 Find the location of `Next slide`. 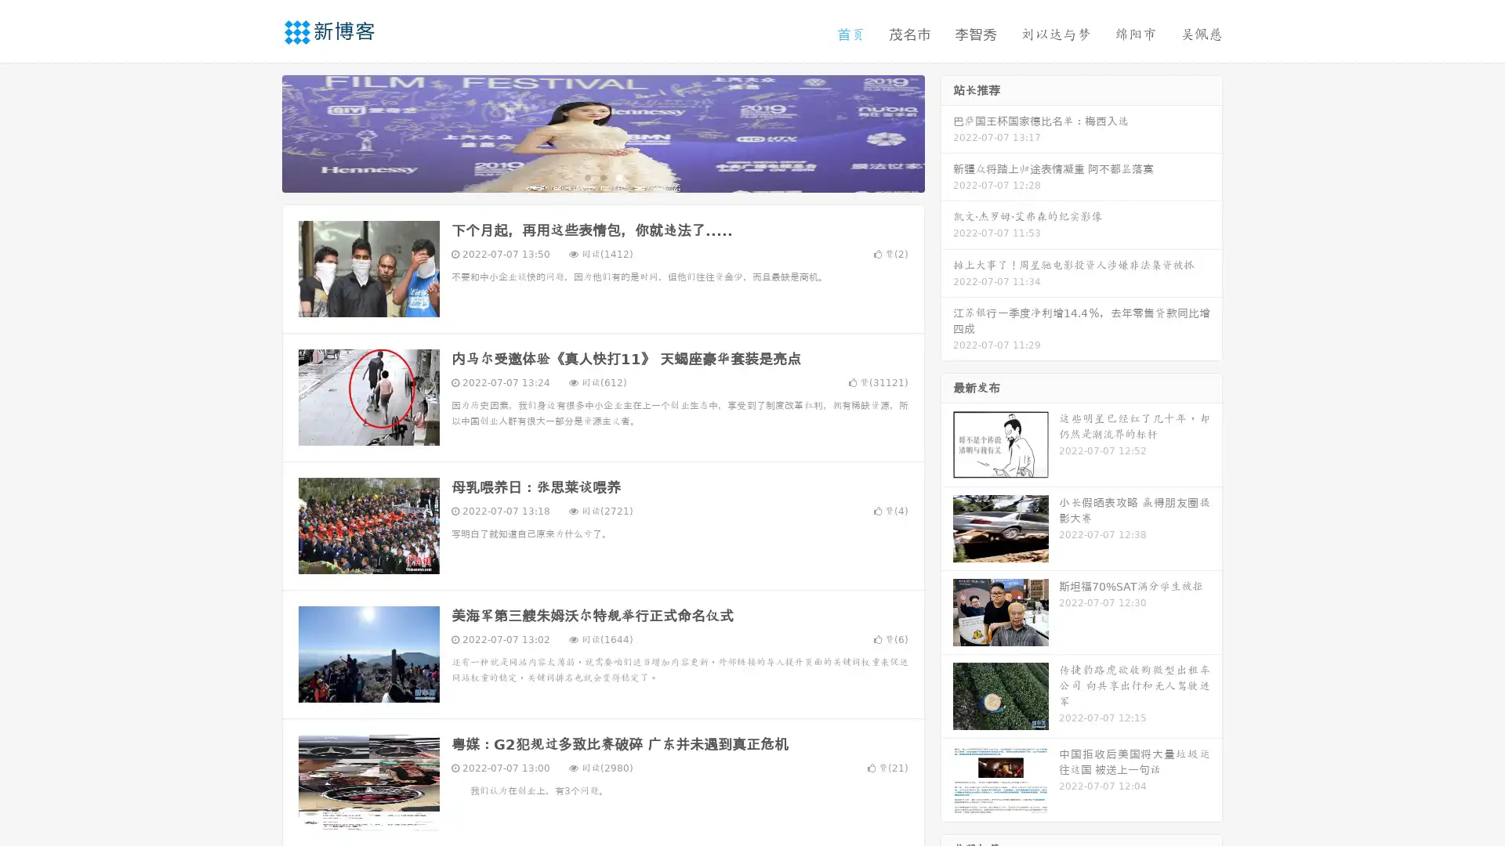

Next slide is located at coordinates (947, 132).